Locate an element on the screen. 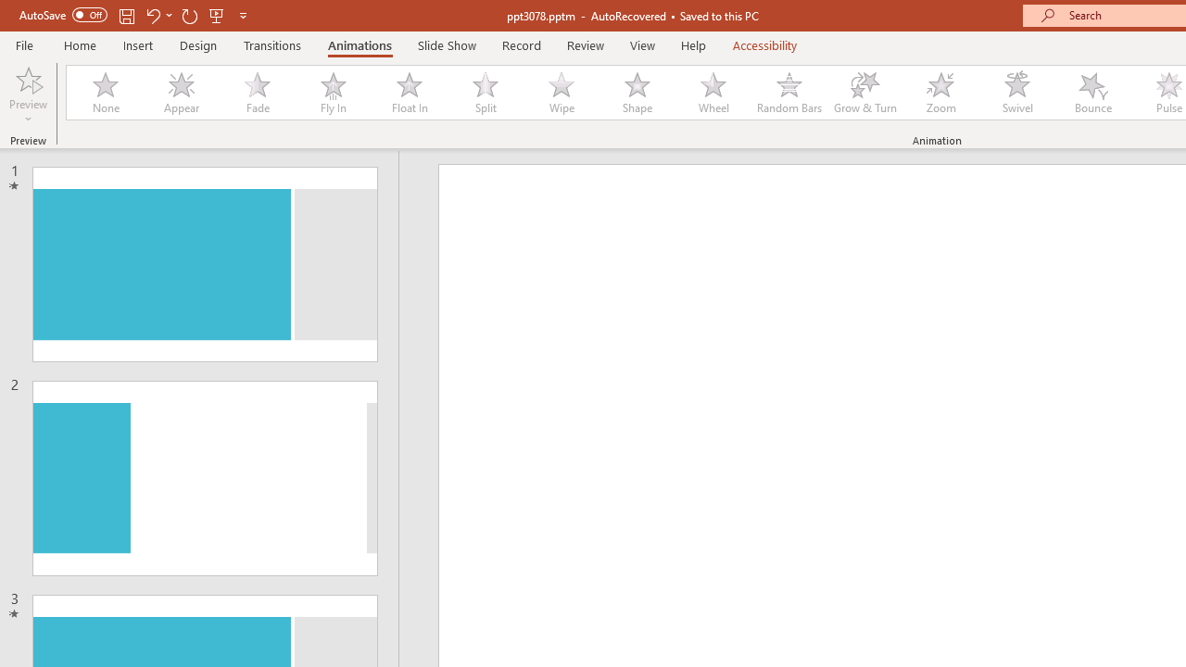  'Home' is located at coordinates (79, 44).